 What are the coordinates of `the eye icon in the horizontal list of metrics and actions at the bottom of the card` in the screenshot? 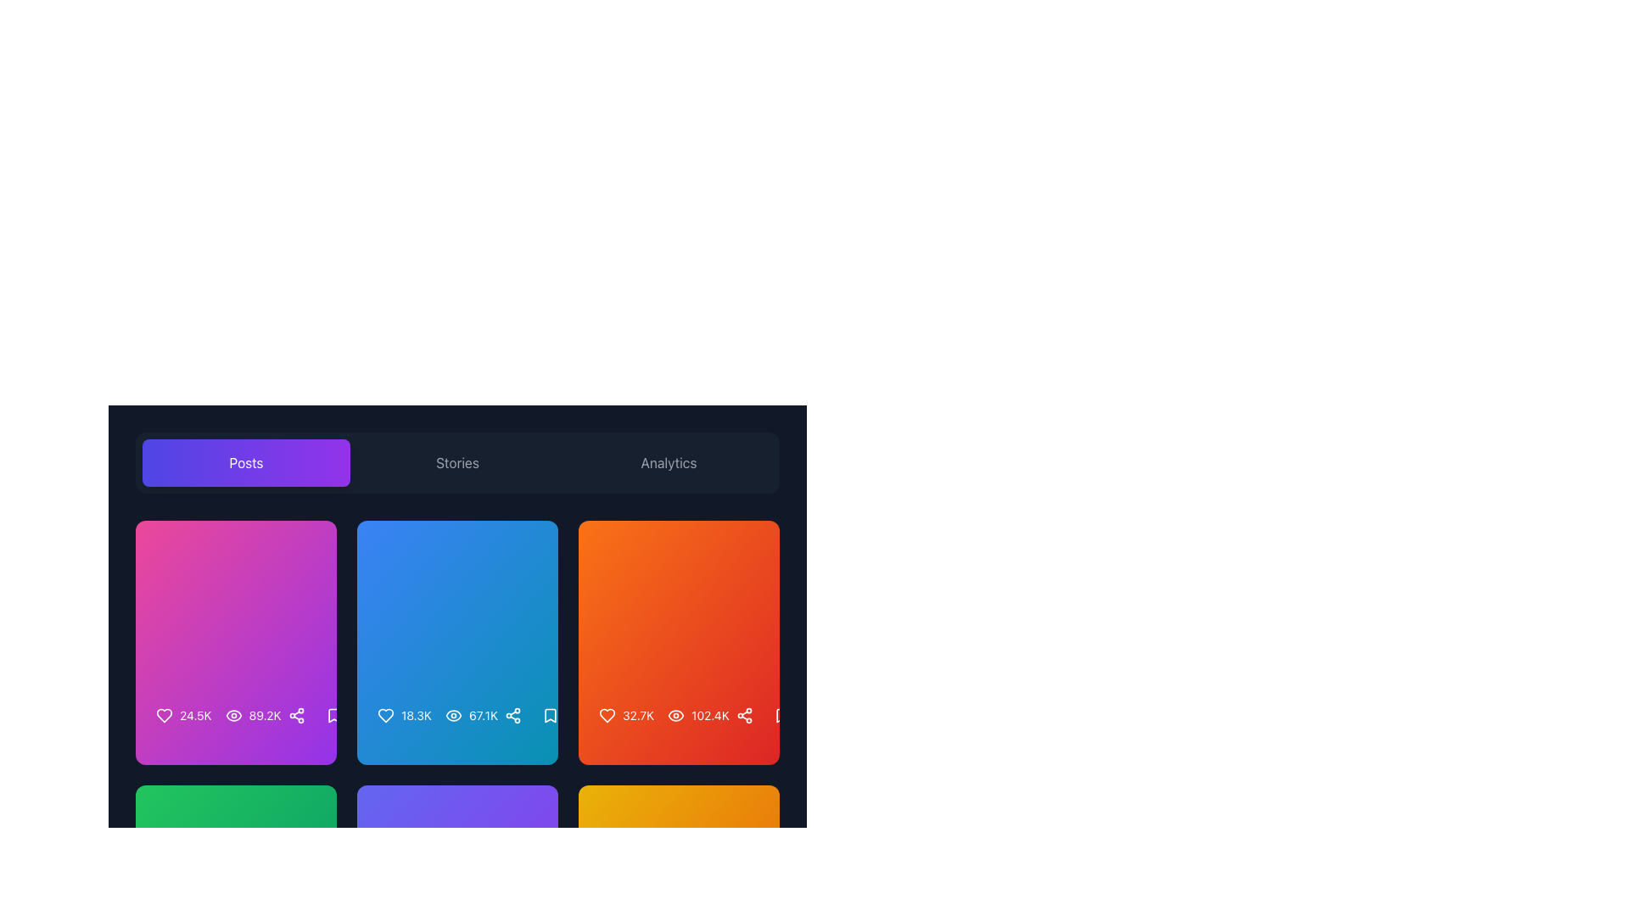 It's located at (235, 723).